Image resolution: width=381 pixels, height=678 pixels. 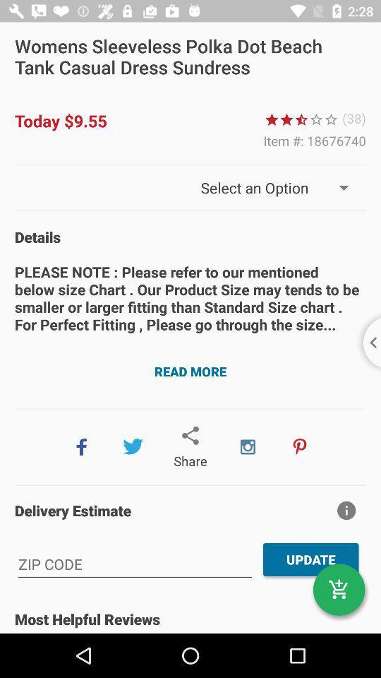 I want to click on the read more button, so click(x=190, y=371).